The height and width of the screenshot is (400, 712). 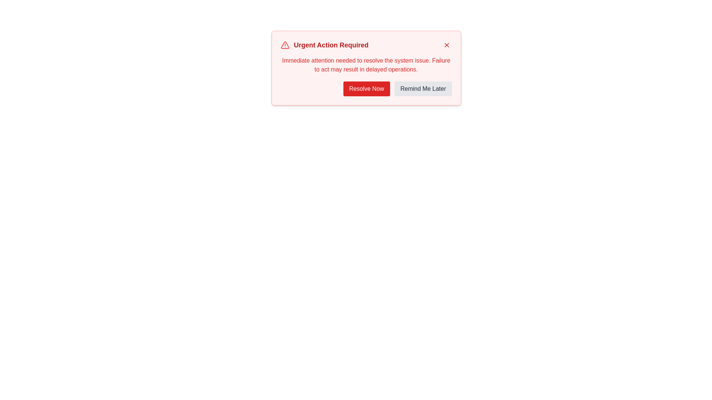 What do you see at coordinates (331, 45) in the screenshot?
I see `text label displaying 'Urgent Action Required' which is centrally located in the notification card` at bounding box center [331, 45].